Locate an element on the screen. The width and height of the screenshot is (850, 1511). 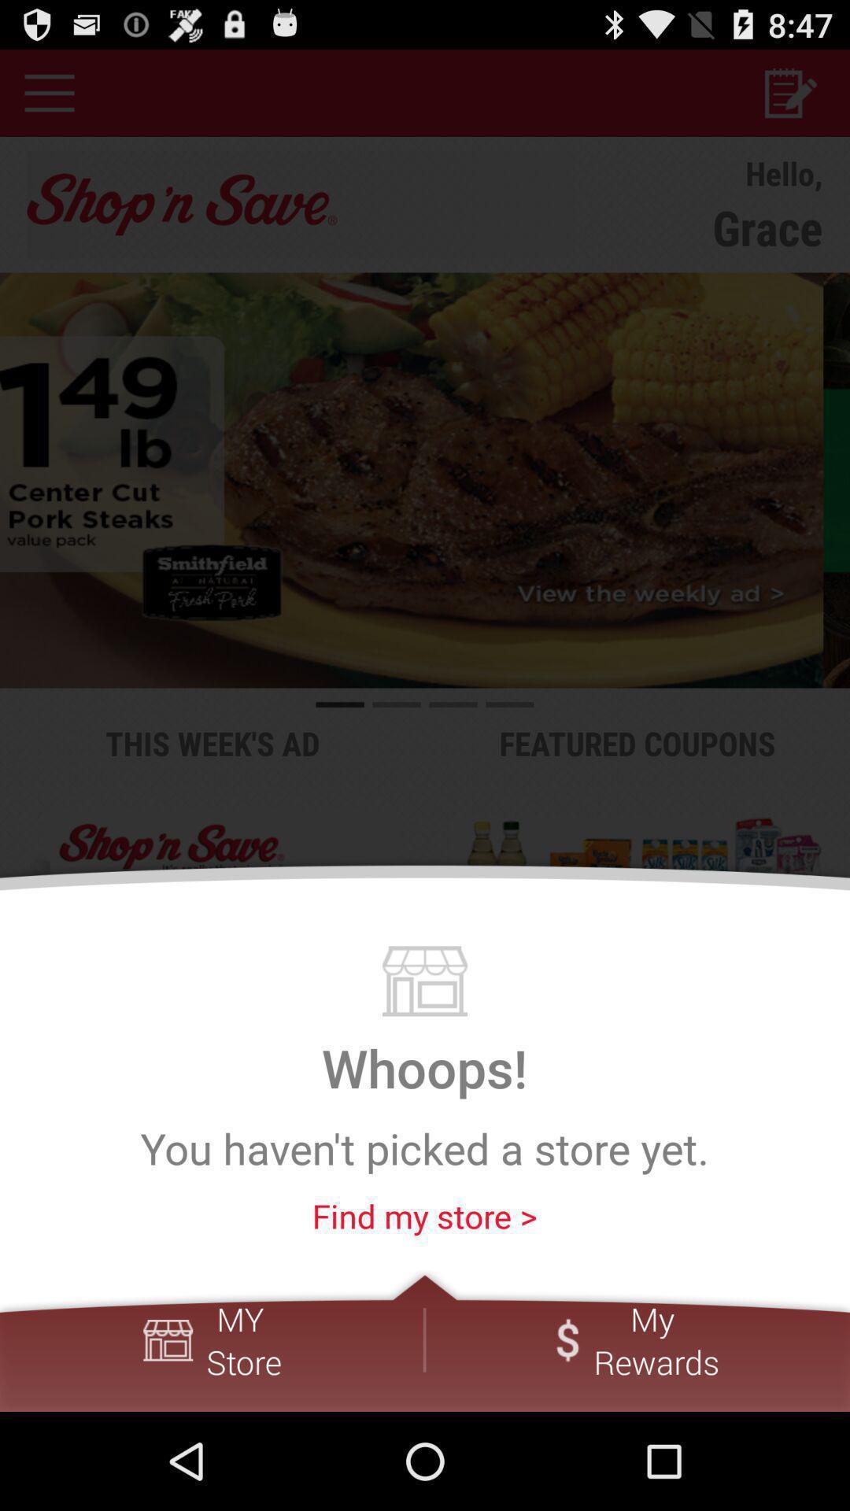
the edit icon is located at coordinates (789, 98).